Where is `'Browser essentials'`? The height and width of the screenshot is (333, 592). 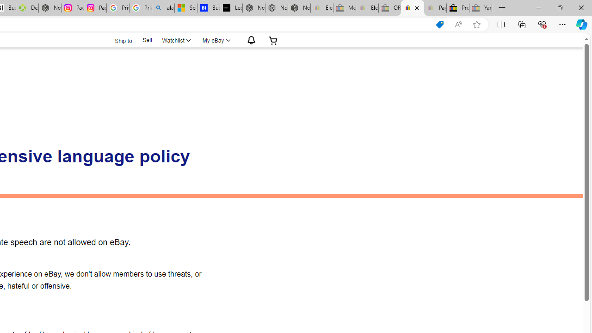 'Browser essentials' is located at coordinates (542, 24).